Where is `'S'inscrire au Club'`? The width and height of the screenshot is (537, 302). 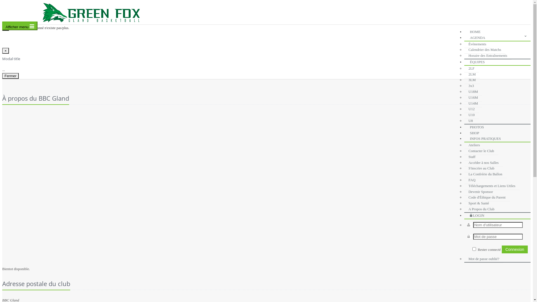 'S'inscrire au Club' is located at coordinates (481, 168).